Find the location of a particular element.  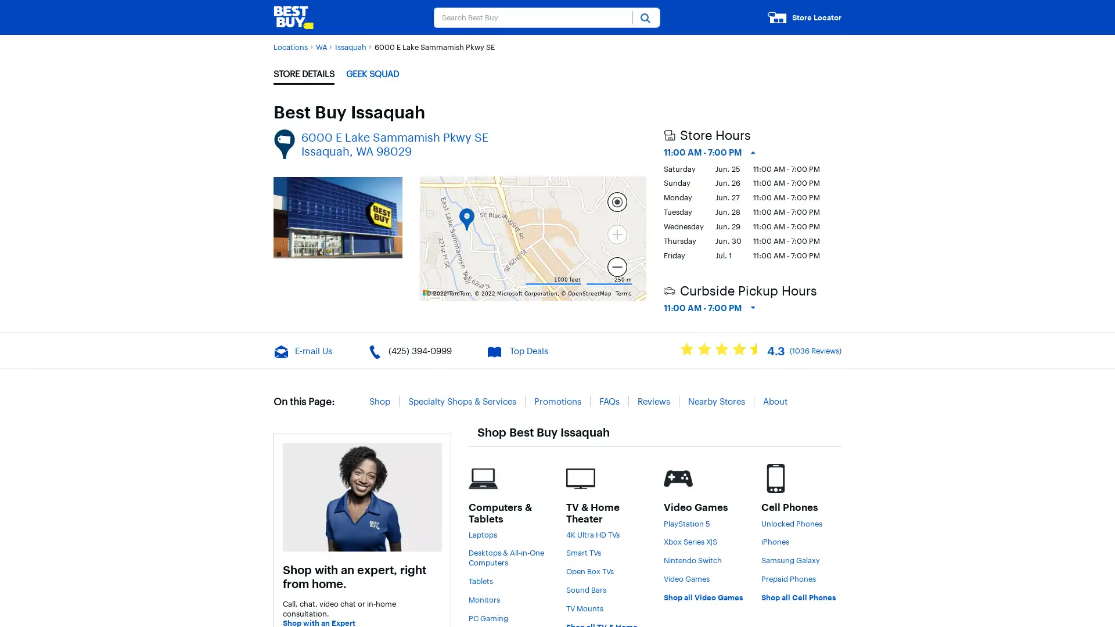

Submit is located at coordinates (645, 17).